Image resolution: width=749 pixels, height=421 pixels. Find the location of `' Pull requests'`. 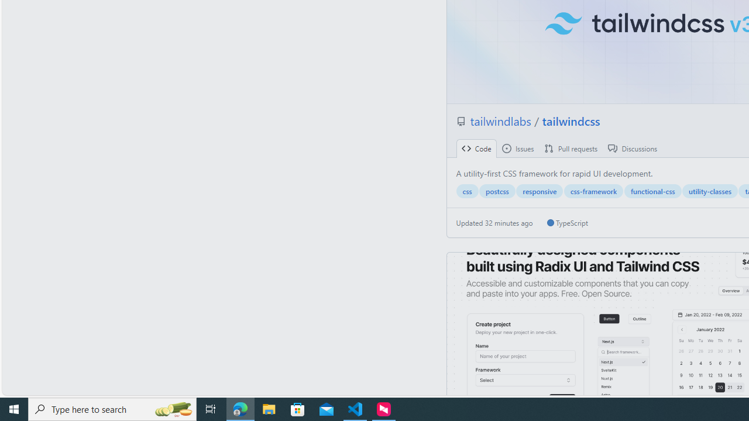

' Pull requests' is located at coordinates (571, 148).